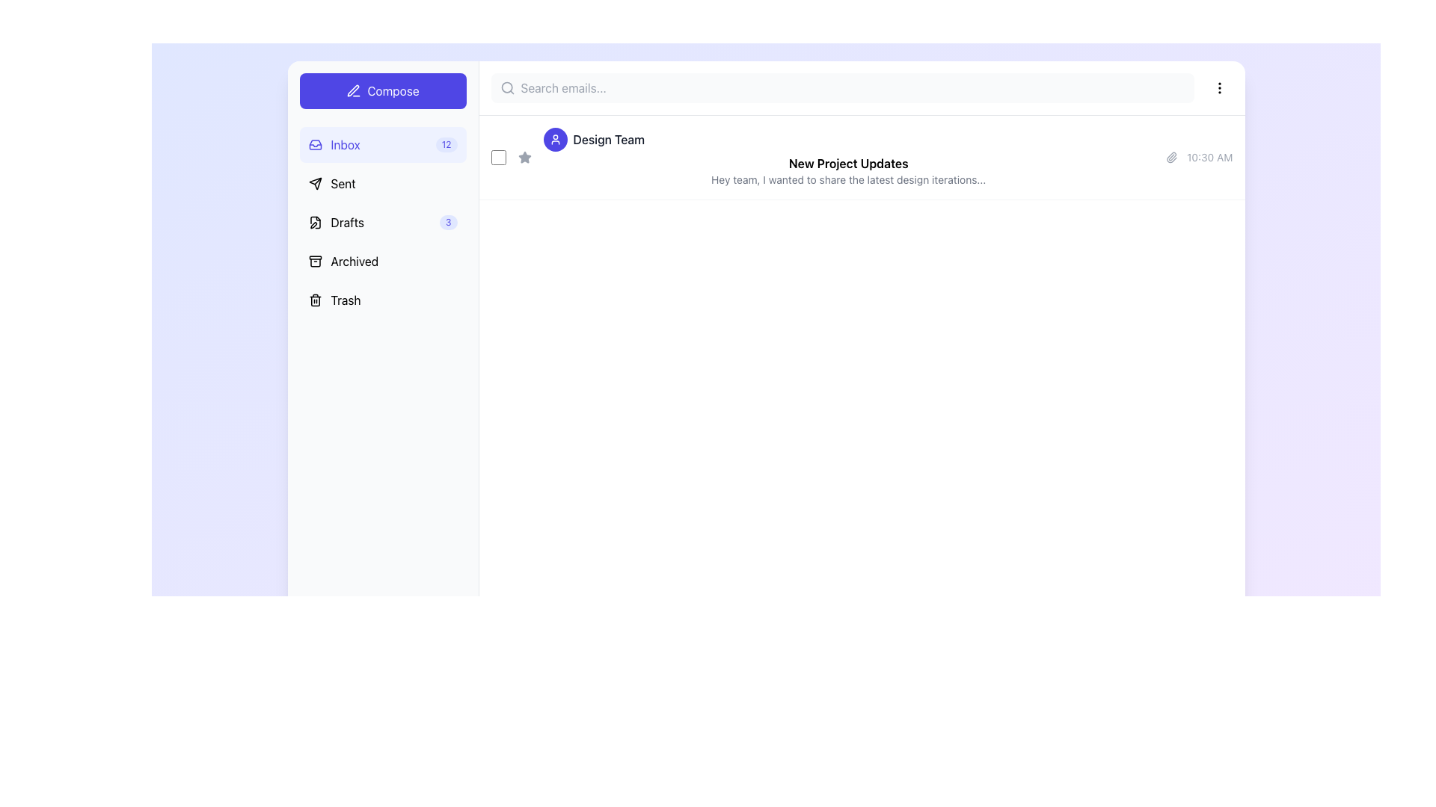 The image size is (1436, 807). Describe the element at coordinates (524, 158) in the screenshot. I see `the star-shaped interactive icon for rating, located next to the checkbox in the email list for 'New Project Updates', to trigger its color change from gray to yellow` at that location.